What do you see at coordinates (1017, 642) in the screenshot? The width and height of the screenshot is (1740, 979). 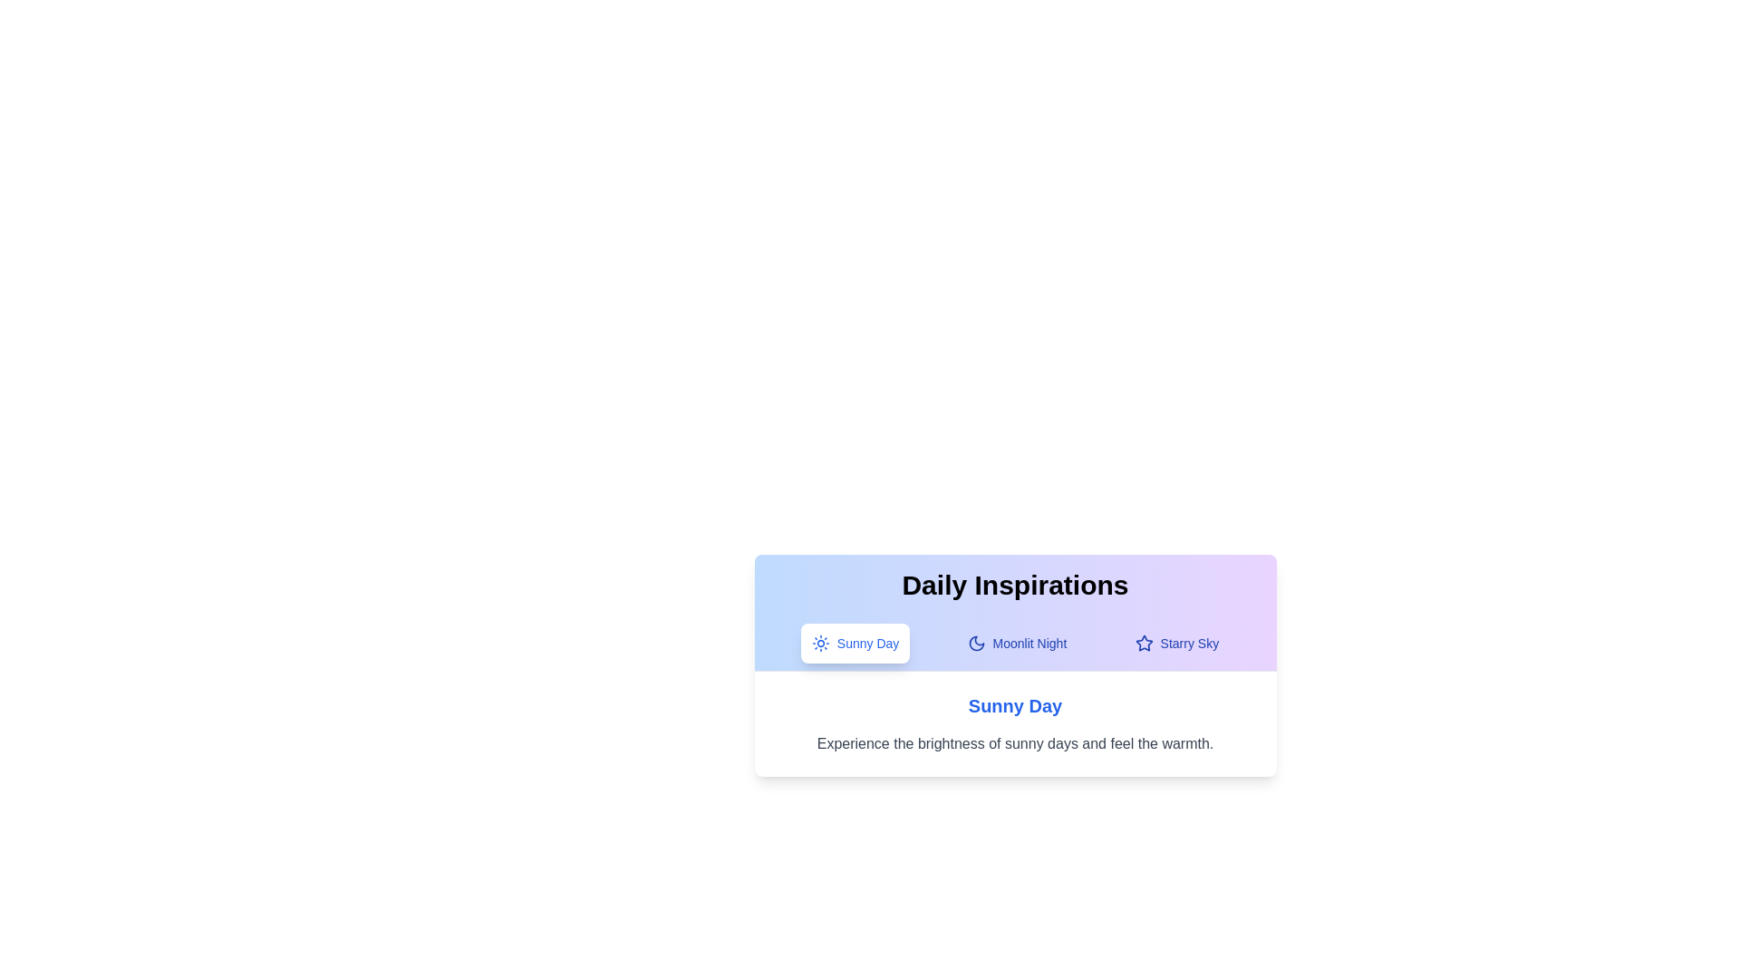 I see `the tab labeled Moonlit Night to display its content` at bounding box center [1017, 642].